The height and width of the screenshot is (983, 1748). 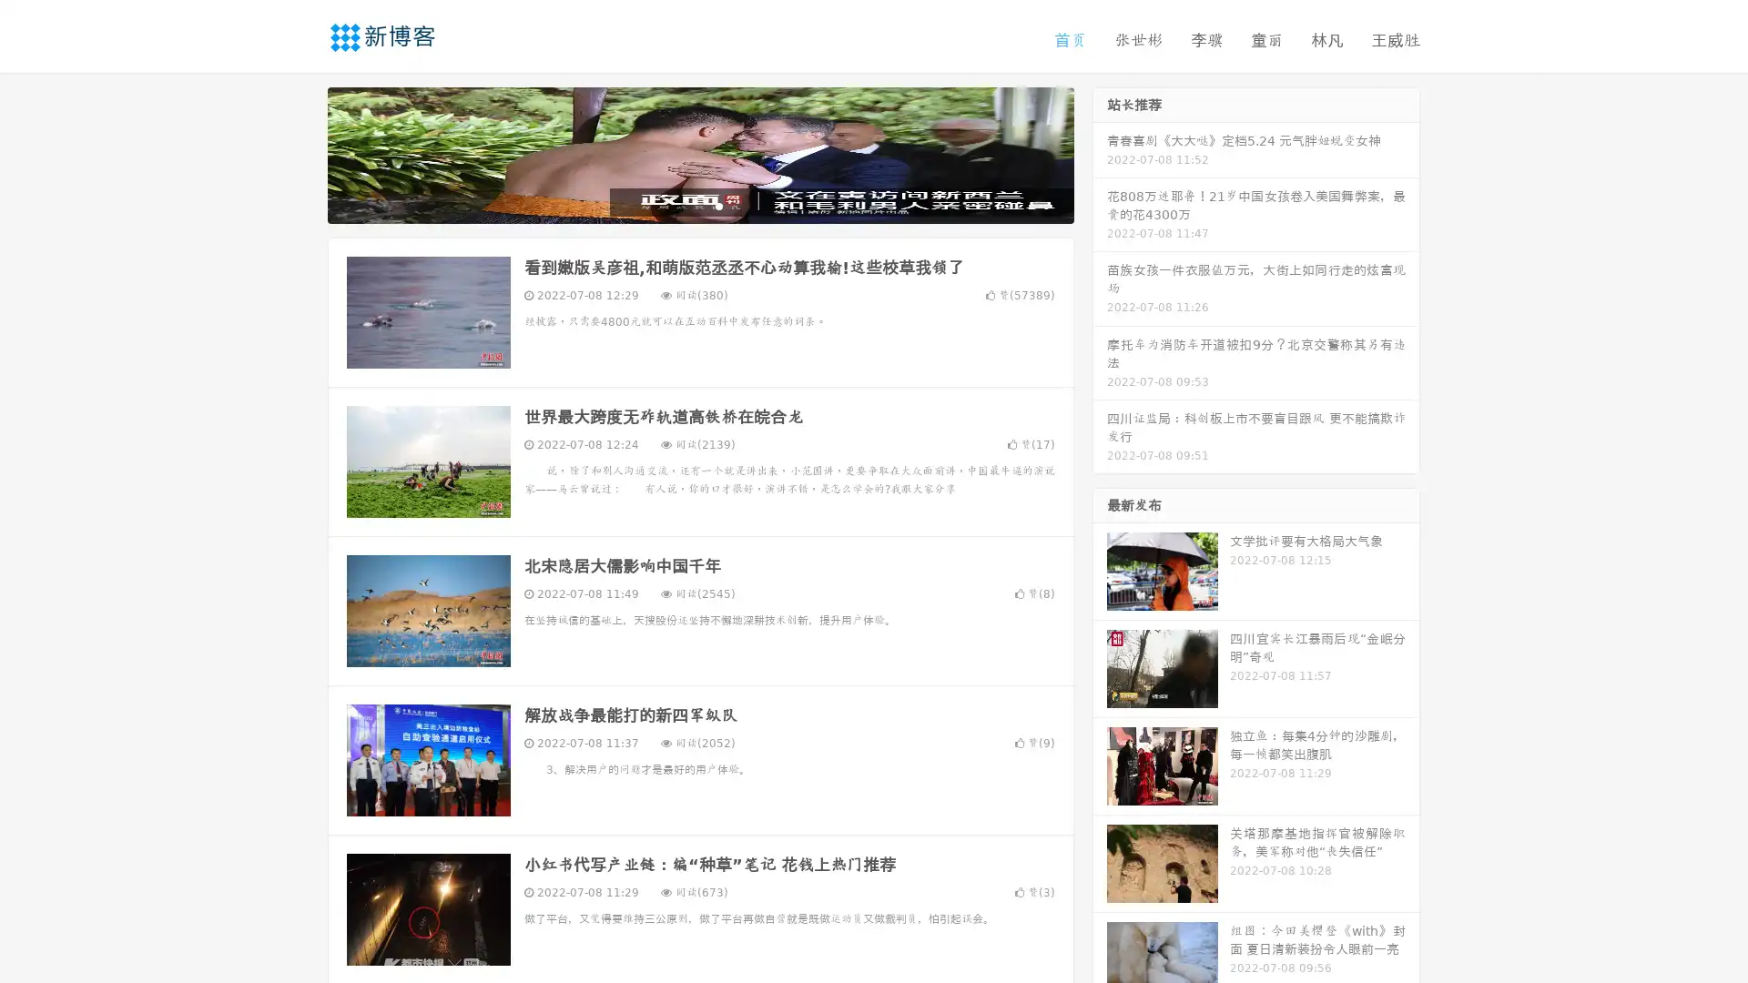 What do you see at coordinates (699, 205) in the screenshot?
I see `Go to slide 2` at bounding box center [699, 205].